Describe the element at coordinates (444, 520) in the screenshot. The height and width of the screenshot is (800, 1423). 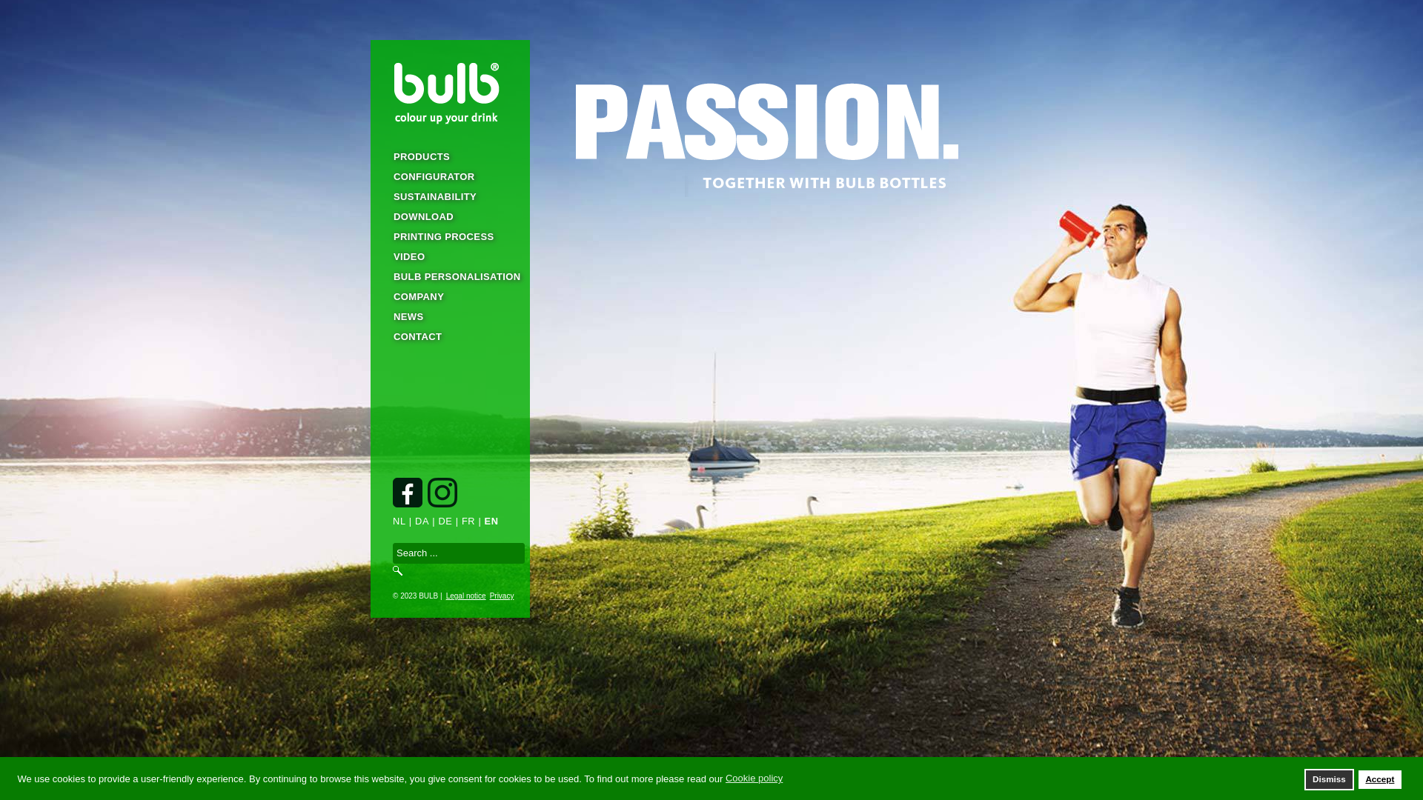
I see `'DE'` at that location.